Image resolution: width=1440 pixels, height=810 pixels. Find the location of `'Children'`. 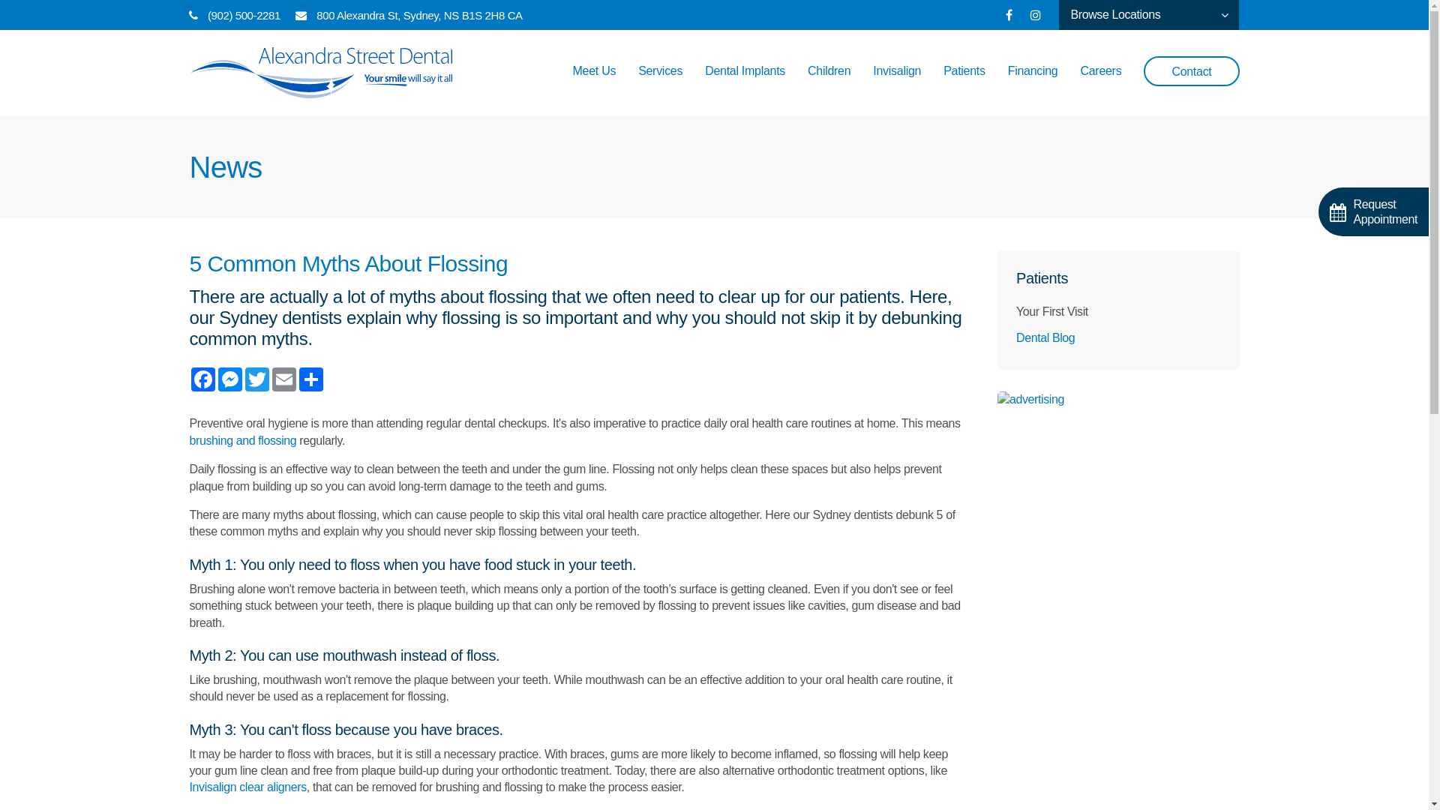

'Children' is located at coordinates (828, 86).